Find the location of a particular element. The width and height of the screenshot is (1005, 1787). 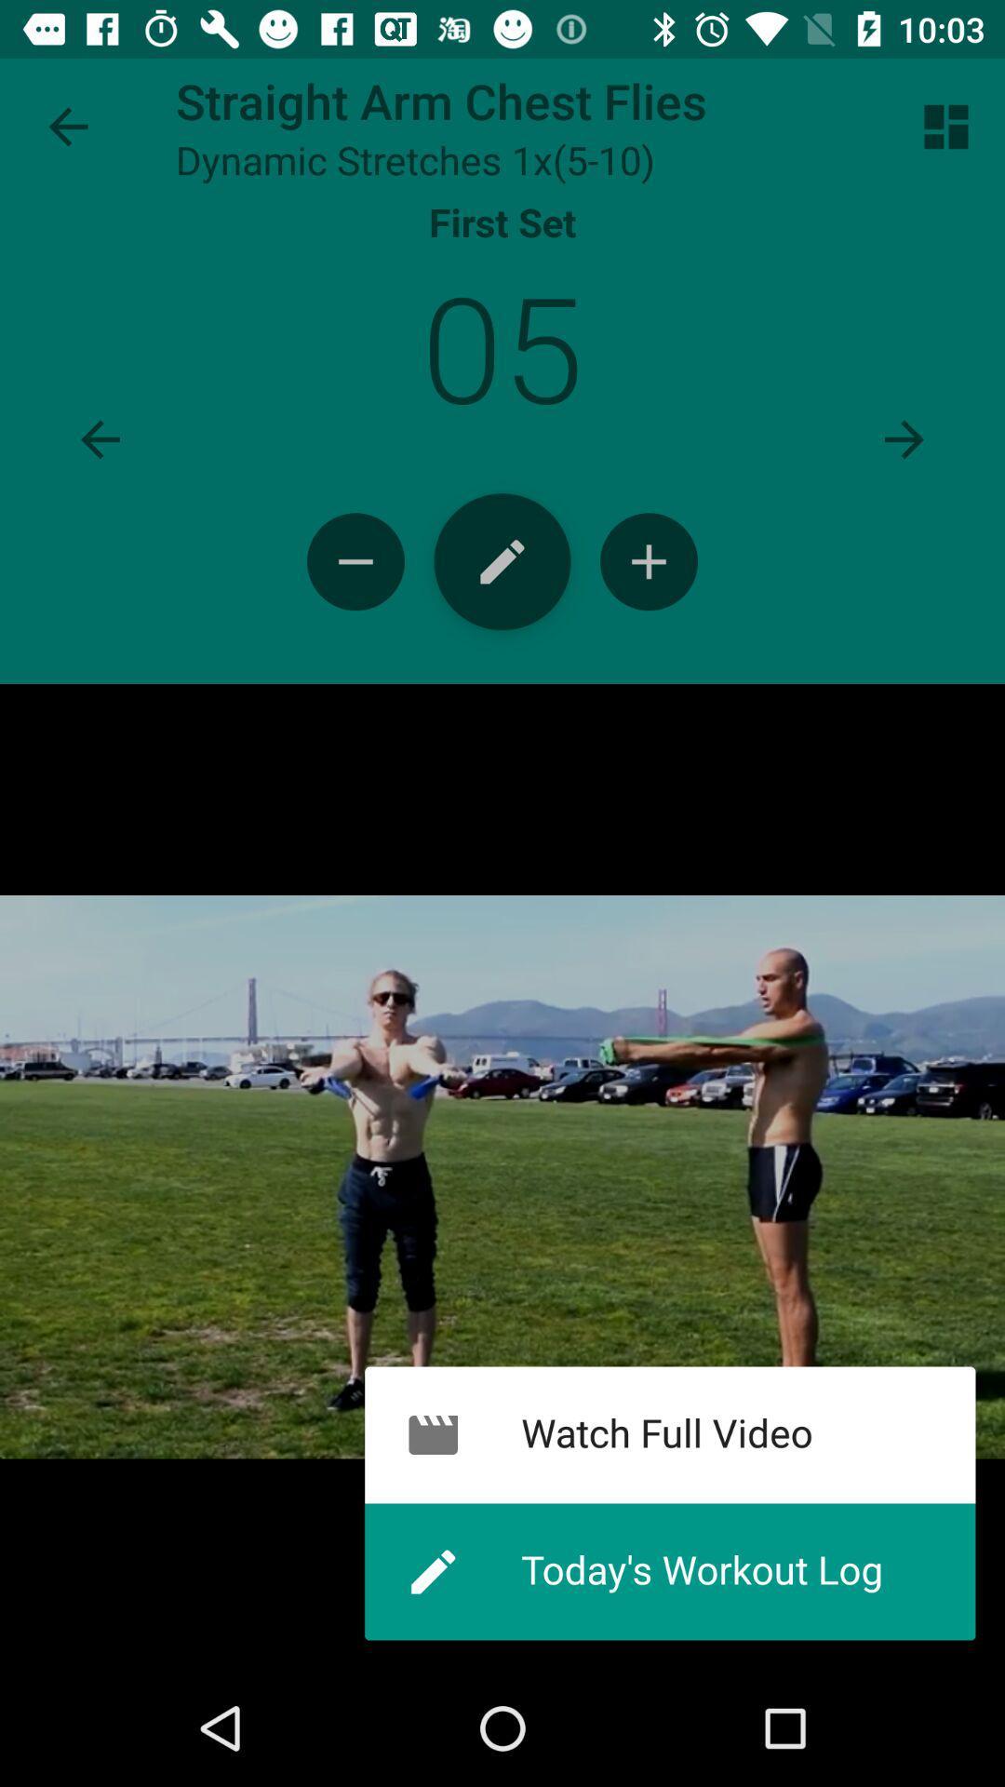

the add icon is located at coordinates (648, 601).